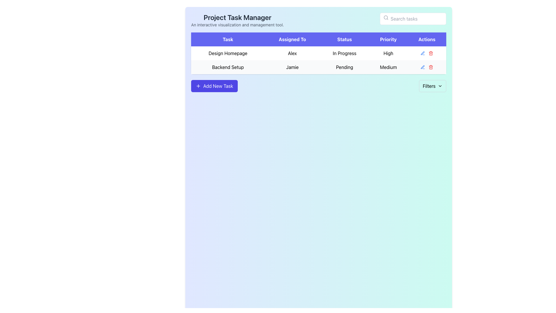 The image size is (556, 313). What do you see at coordinates (344, 39) in the screenshot?
I see `the 'Status' text label, which is part of the header bar displaying various column titles including 'Task', 'Assigned To', 'Priority', and 'Actions'` at bounding box center [344, 39].